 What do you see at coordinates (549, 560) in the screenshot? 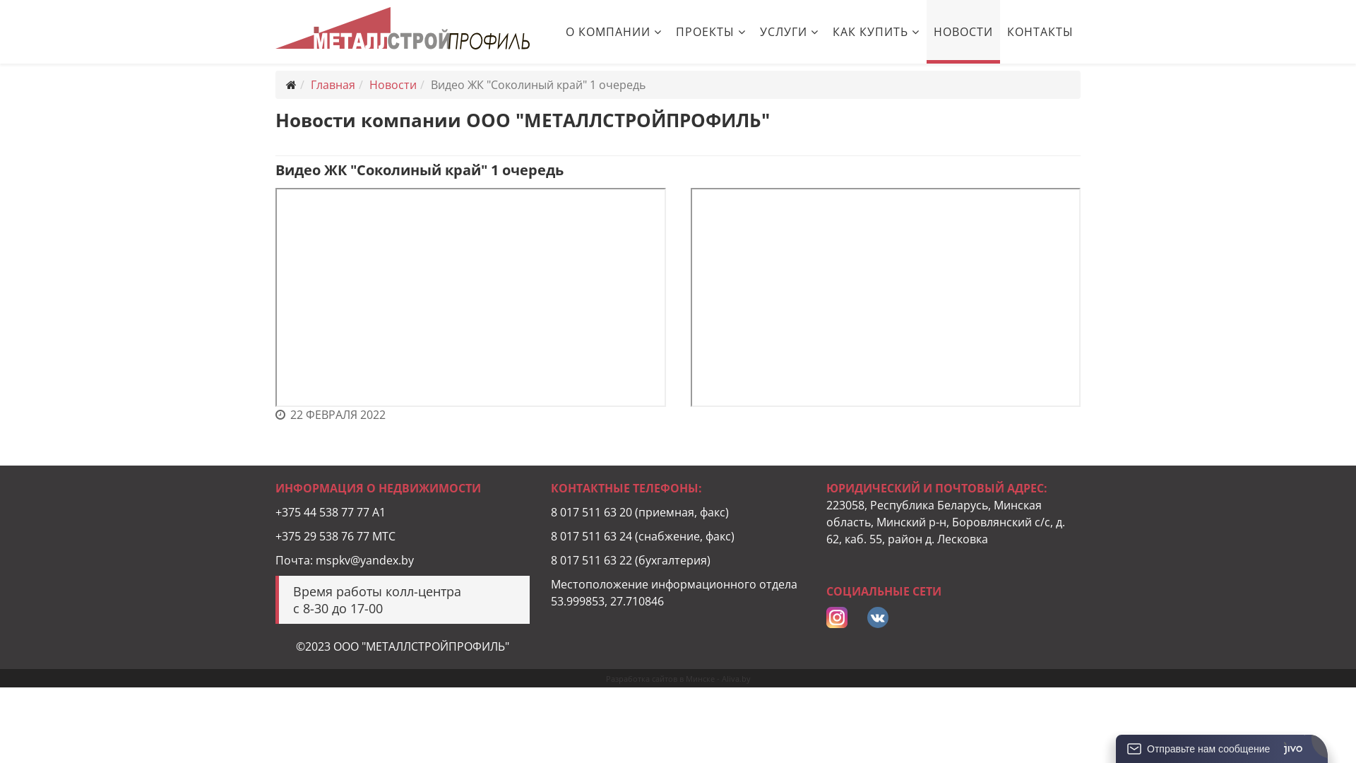
I see `'8 017 511 63 22'` at bounding box center [549, 560].